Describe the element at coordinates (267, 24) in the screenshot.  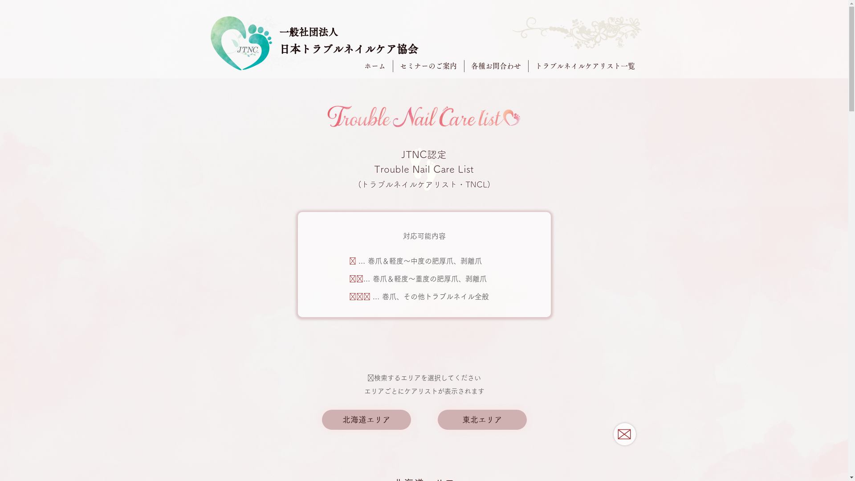
I see `'soushoku04.png'` at that location.